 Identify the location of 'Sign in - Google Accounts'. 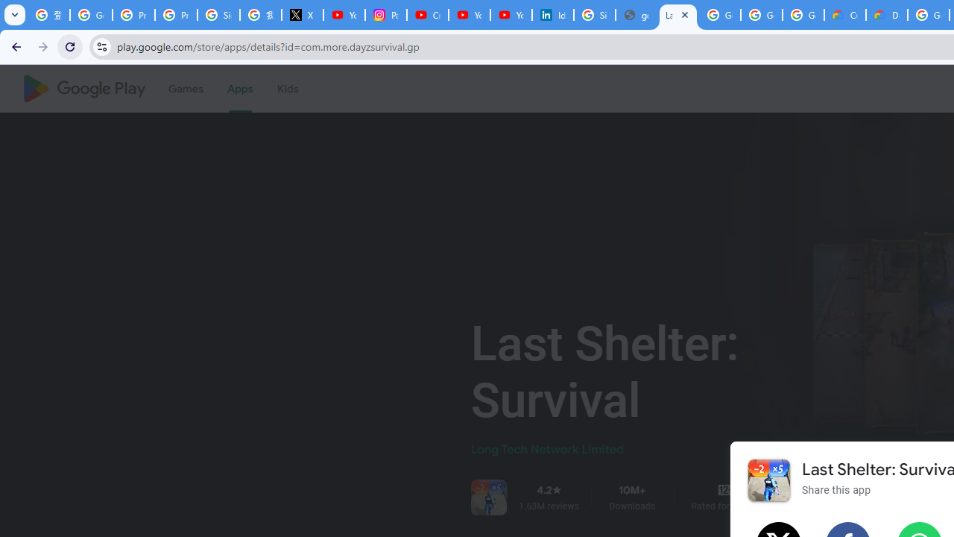
(218, 15).